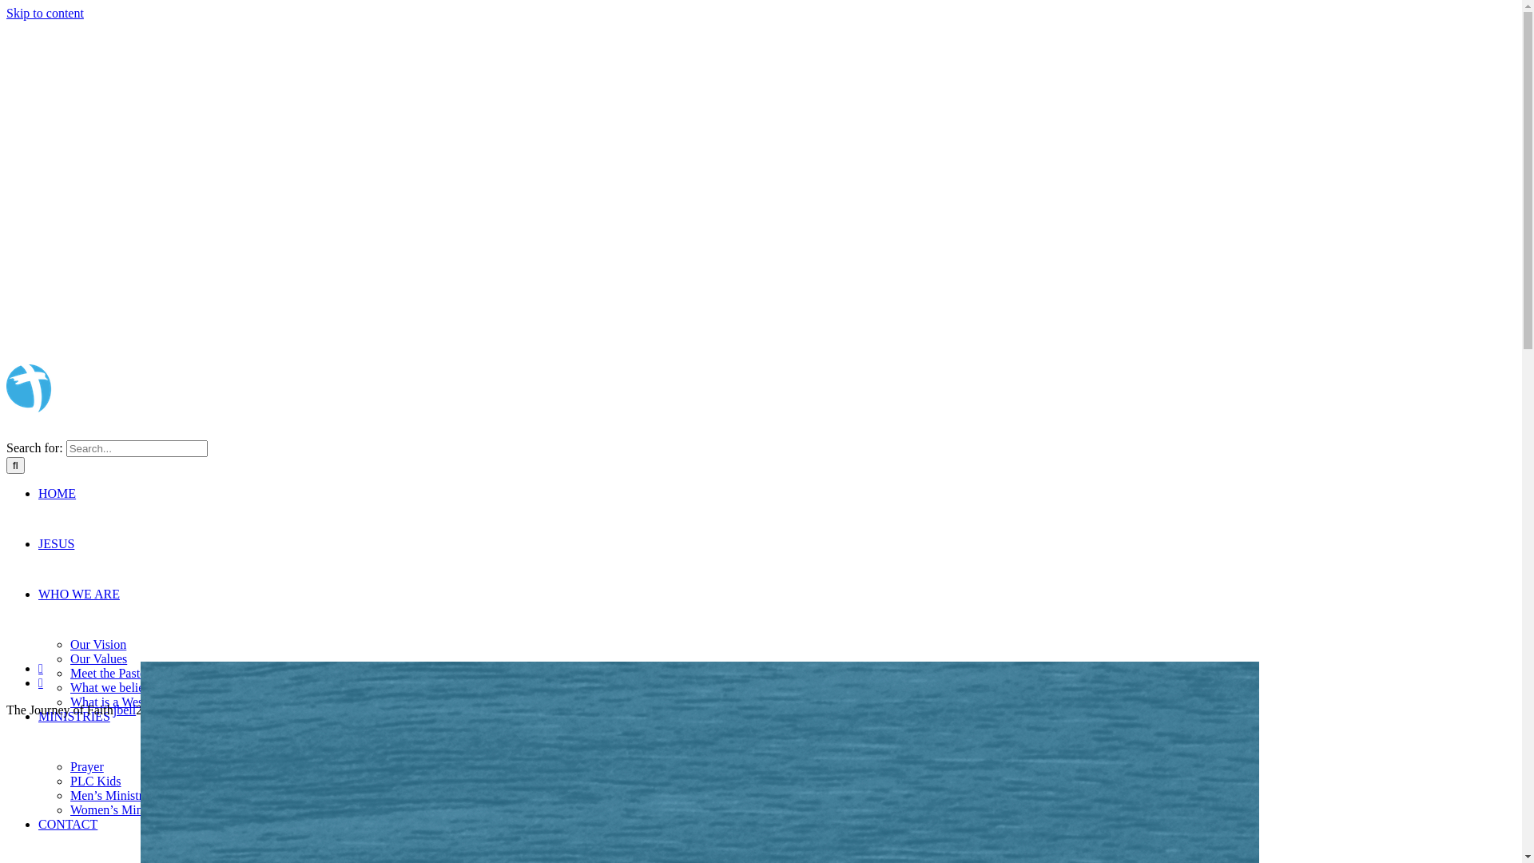 This screenshot has width=1534, height=863. I want to click on 'Our Values', so click(97, 658).